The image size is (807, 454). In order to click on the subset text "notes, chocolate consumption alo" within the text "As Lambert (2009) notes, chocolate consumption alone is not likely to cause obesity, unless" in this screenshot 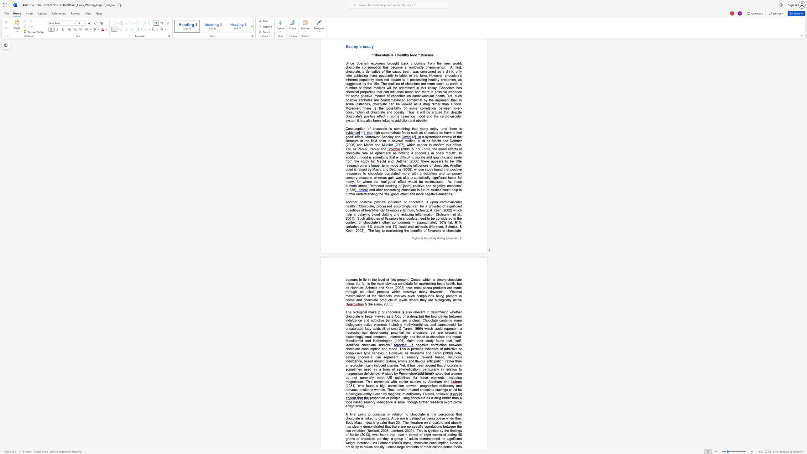, I will do `click(403, 442)`.